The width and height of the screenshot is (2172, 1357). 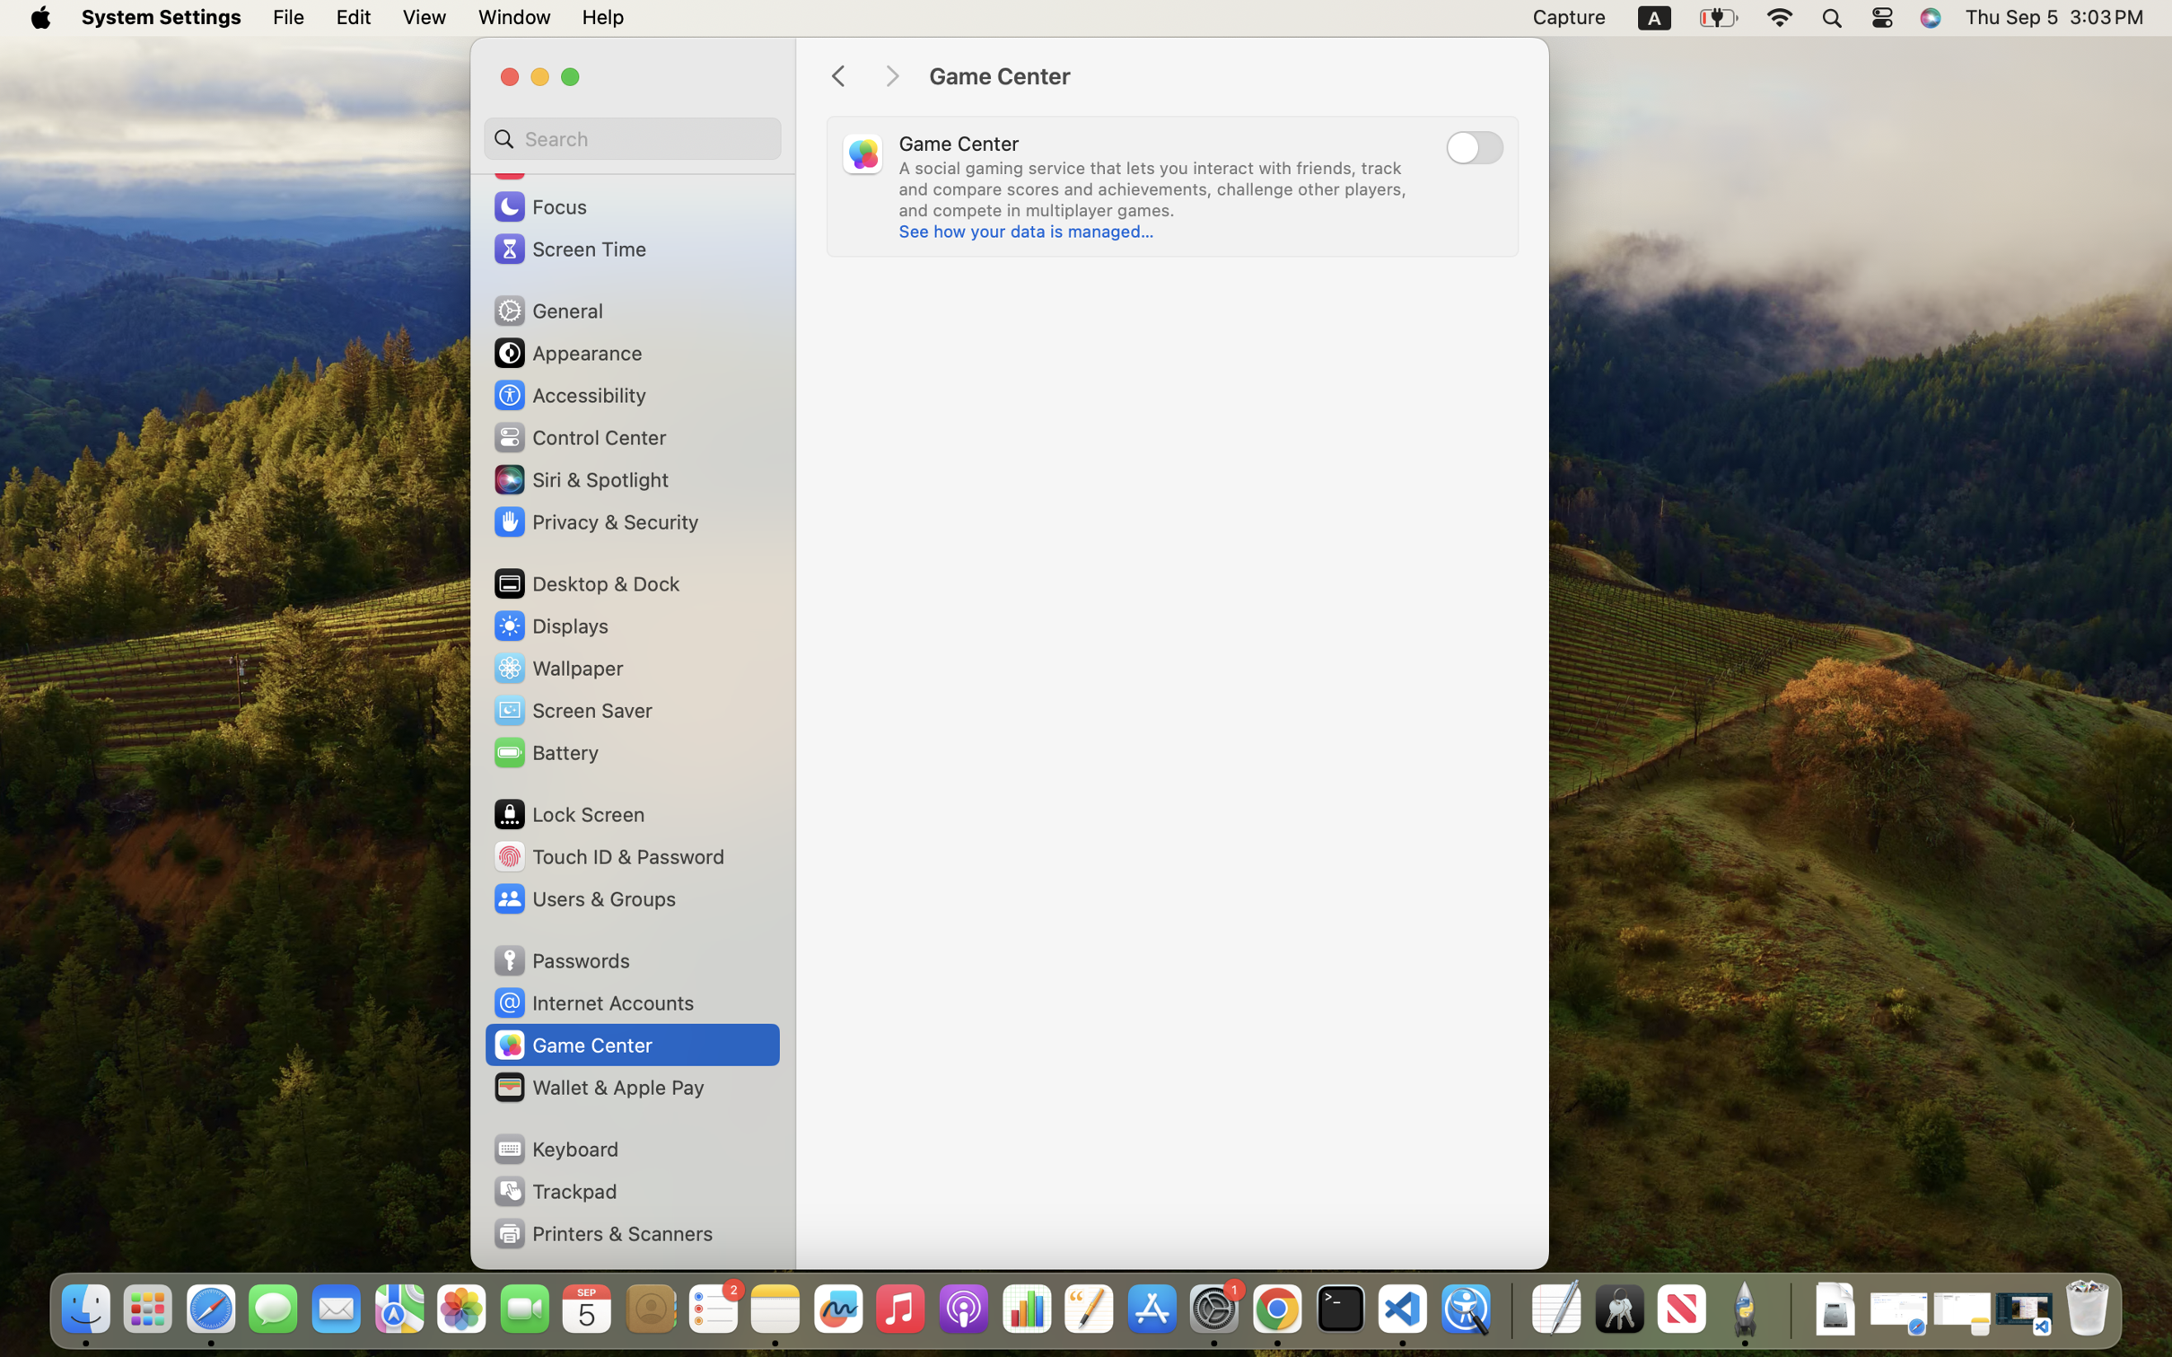 I want to click on 'Passwords', so click(x=559, y=959).